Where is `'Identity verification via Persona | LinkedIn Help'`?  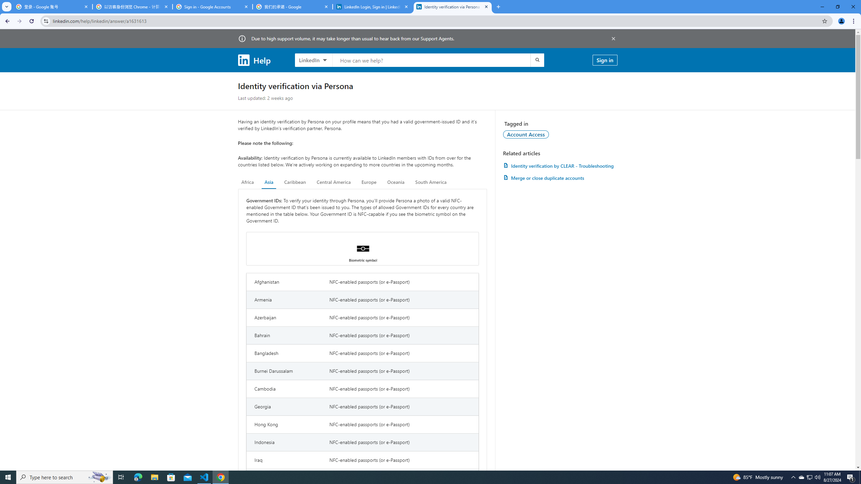 'Identity verification via Persona | LinkedIn Help' is located at coordinates (452, 6).